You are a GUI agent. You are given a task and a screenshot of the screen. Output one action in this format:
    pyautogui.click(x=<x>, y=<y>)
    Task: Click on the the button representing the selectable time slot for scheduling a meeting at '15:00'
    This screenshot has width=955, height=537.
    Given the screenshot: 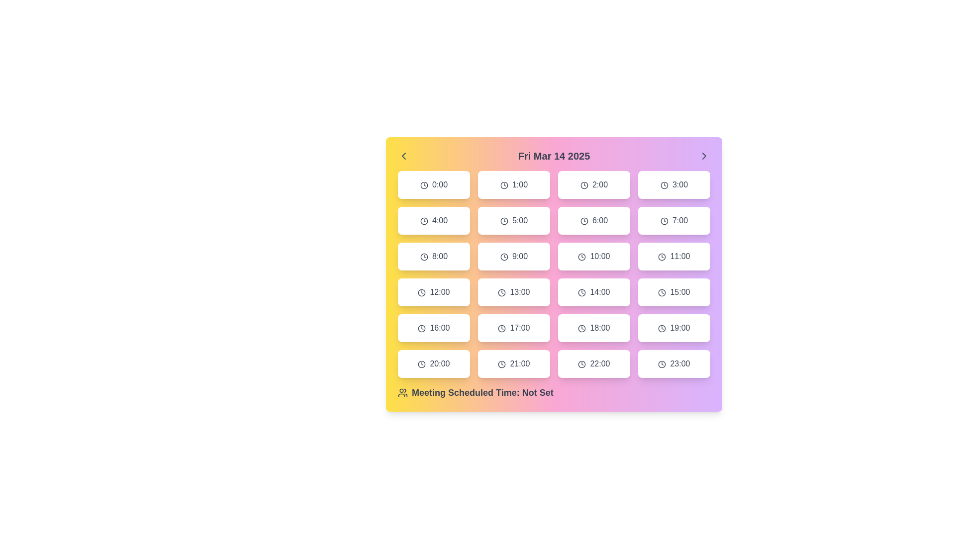 What is the action you would take?
    pyautogui.click(x=674, y=291)
    